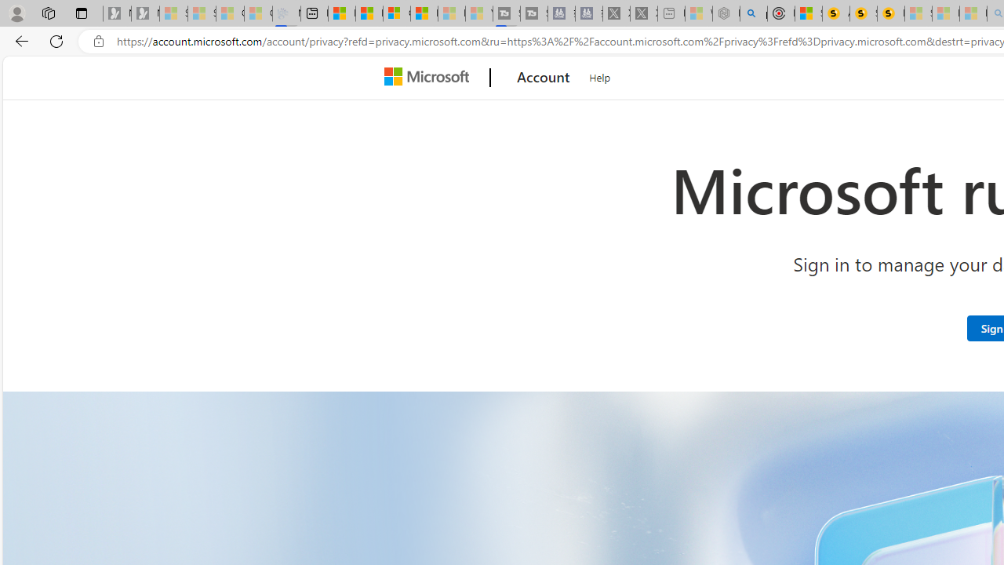 Image resolution: width=1004 pixels, height=565 pixels. I want to click on 'Microsoft', so click(430, 78).